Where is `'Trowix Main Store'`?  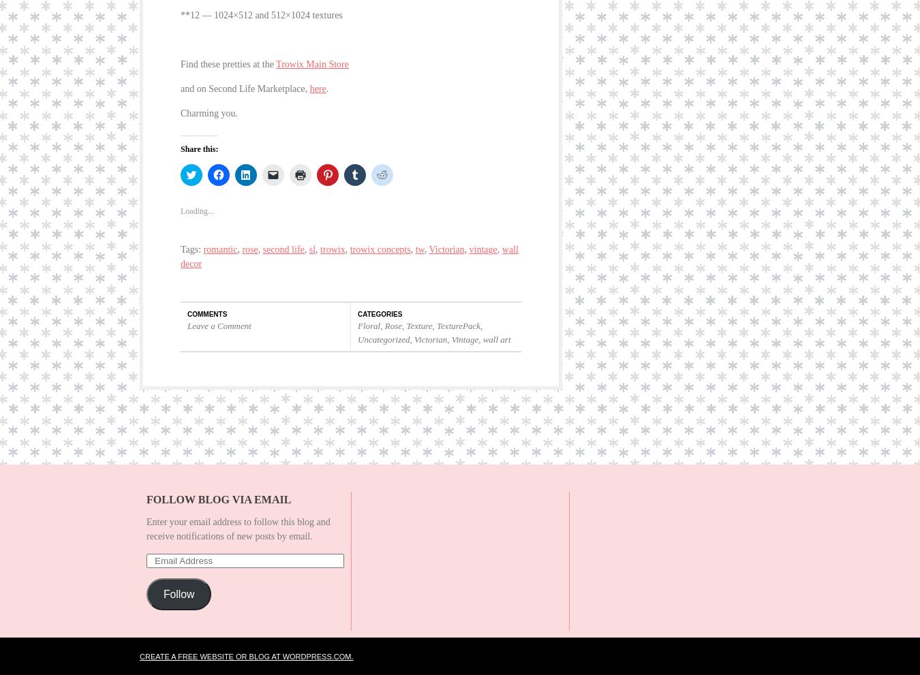 'Trowix Main Store' is located at coordinates (311, 54).